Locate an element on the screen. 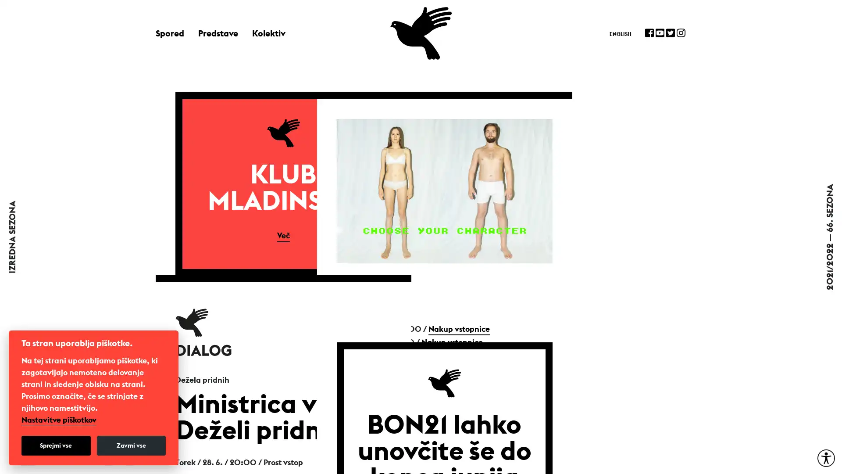 Image resolution: width=842 pixels, height=474 pixels. Sprejmi vse is located at coordinates (55, 445).